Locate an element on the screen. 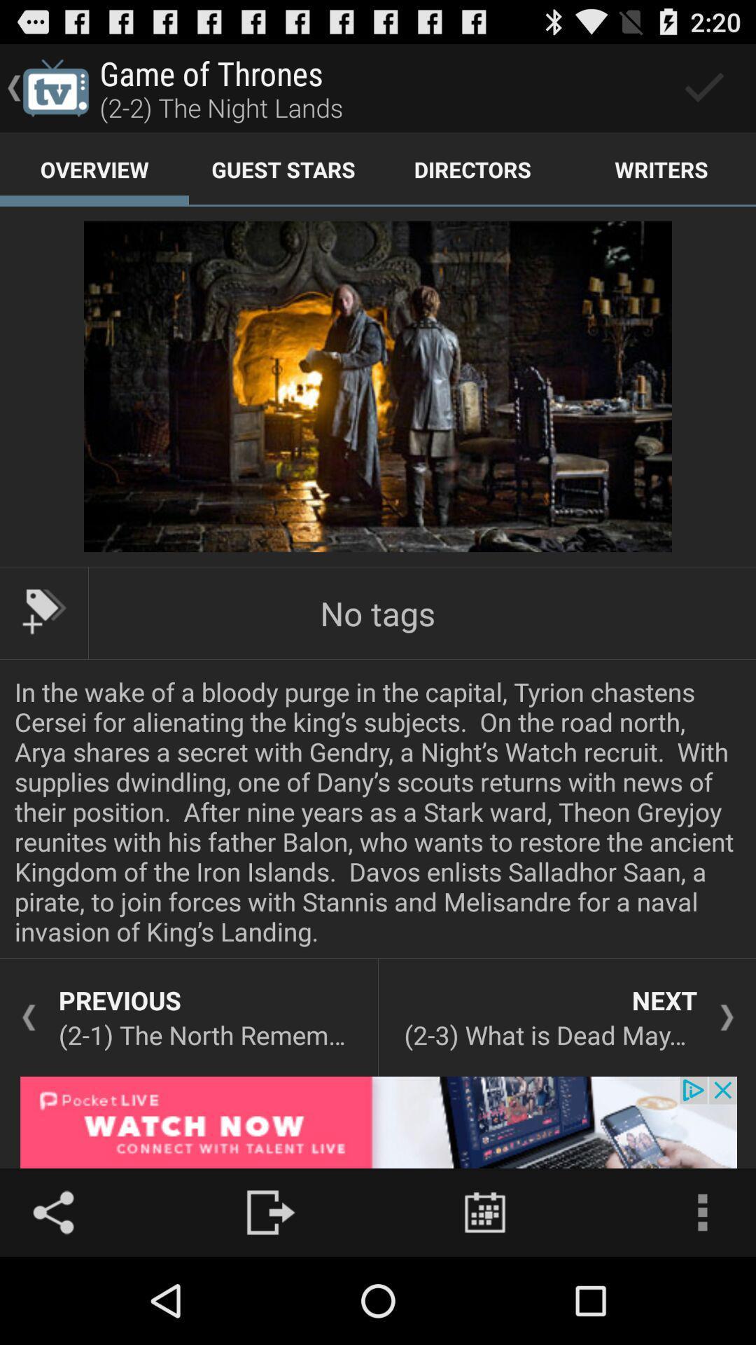  tags is located at coordinates (43, 612).